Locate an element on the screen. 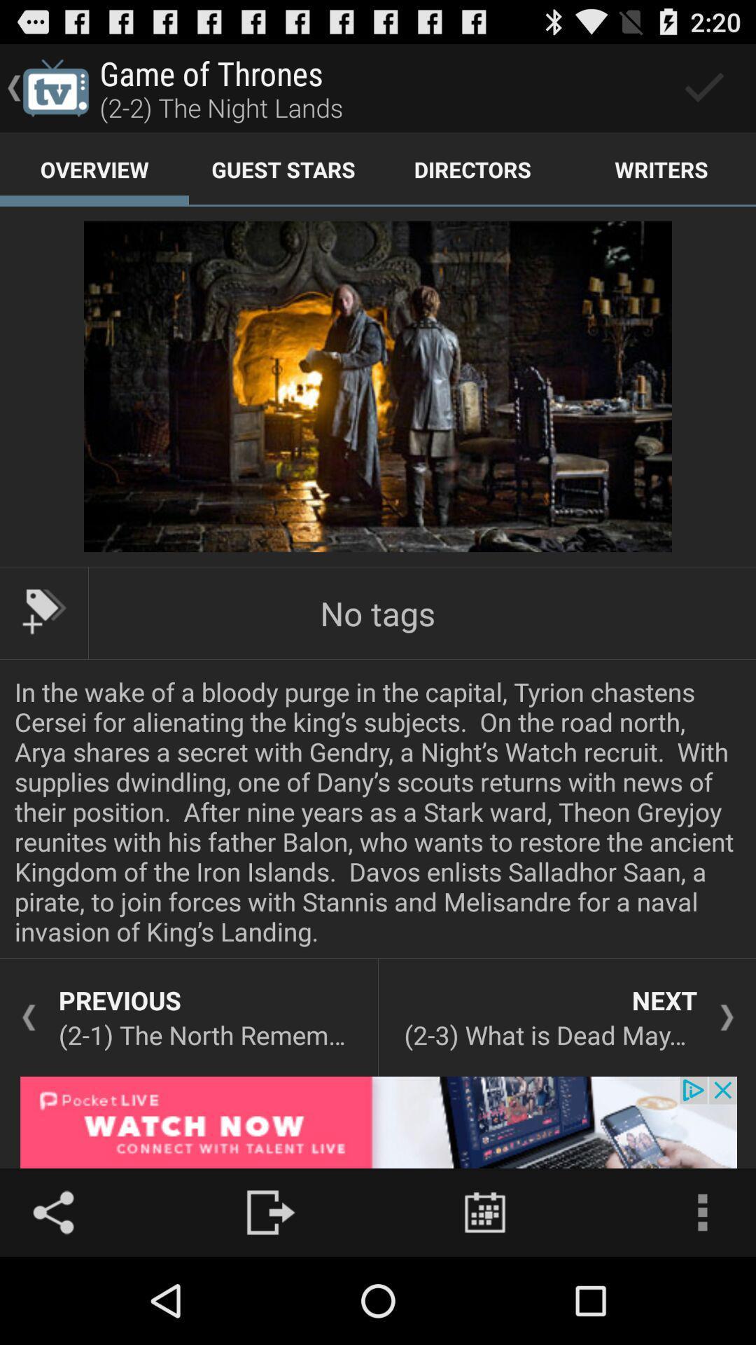  tags is located at coordinates (43, 612).